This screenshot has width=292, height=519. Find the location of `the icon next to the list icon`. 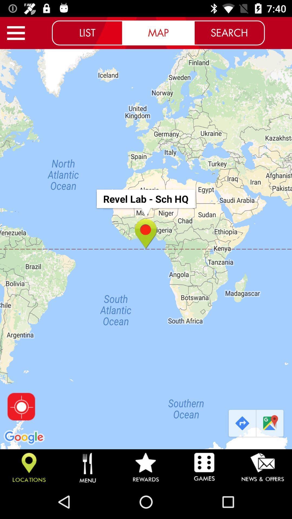

the icon next to the list icon is located at coordinates (16, 33).